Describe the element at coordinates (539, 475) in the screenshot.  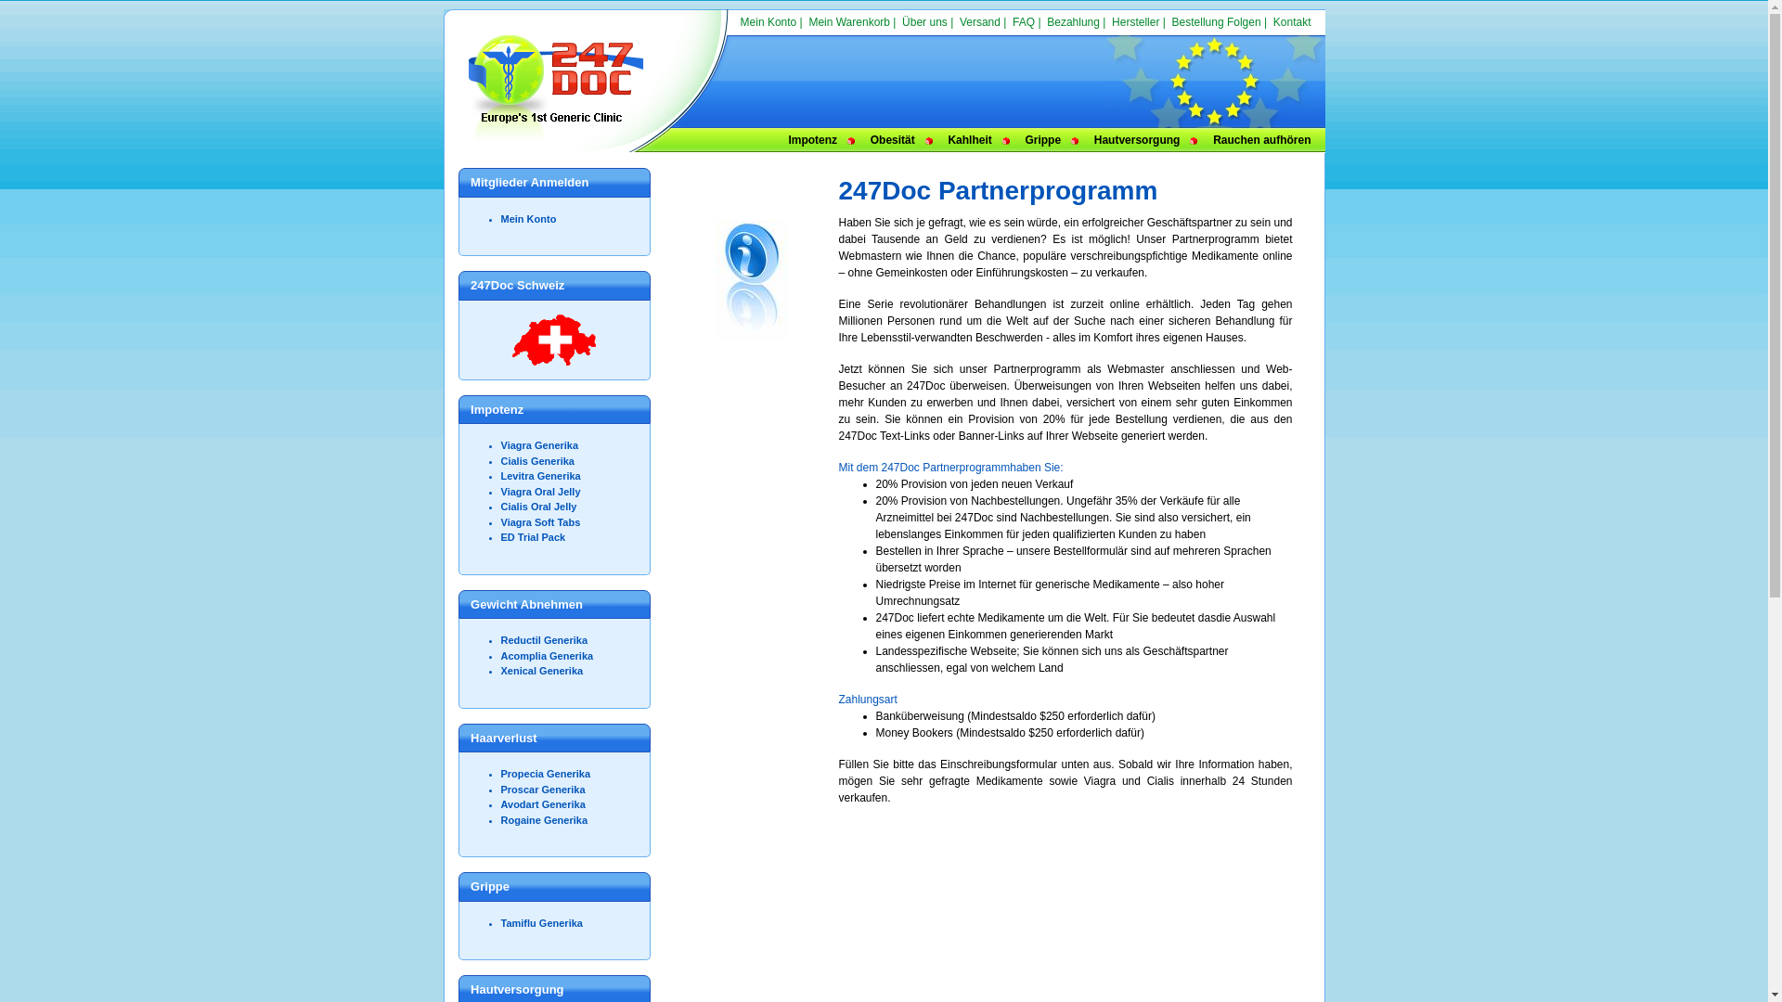
I see `'Levitra Generika'` at that location.